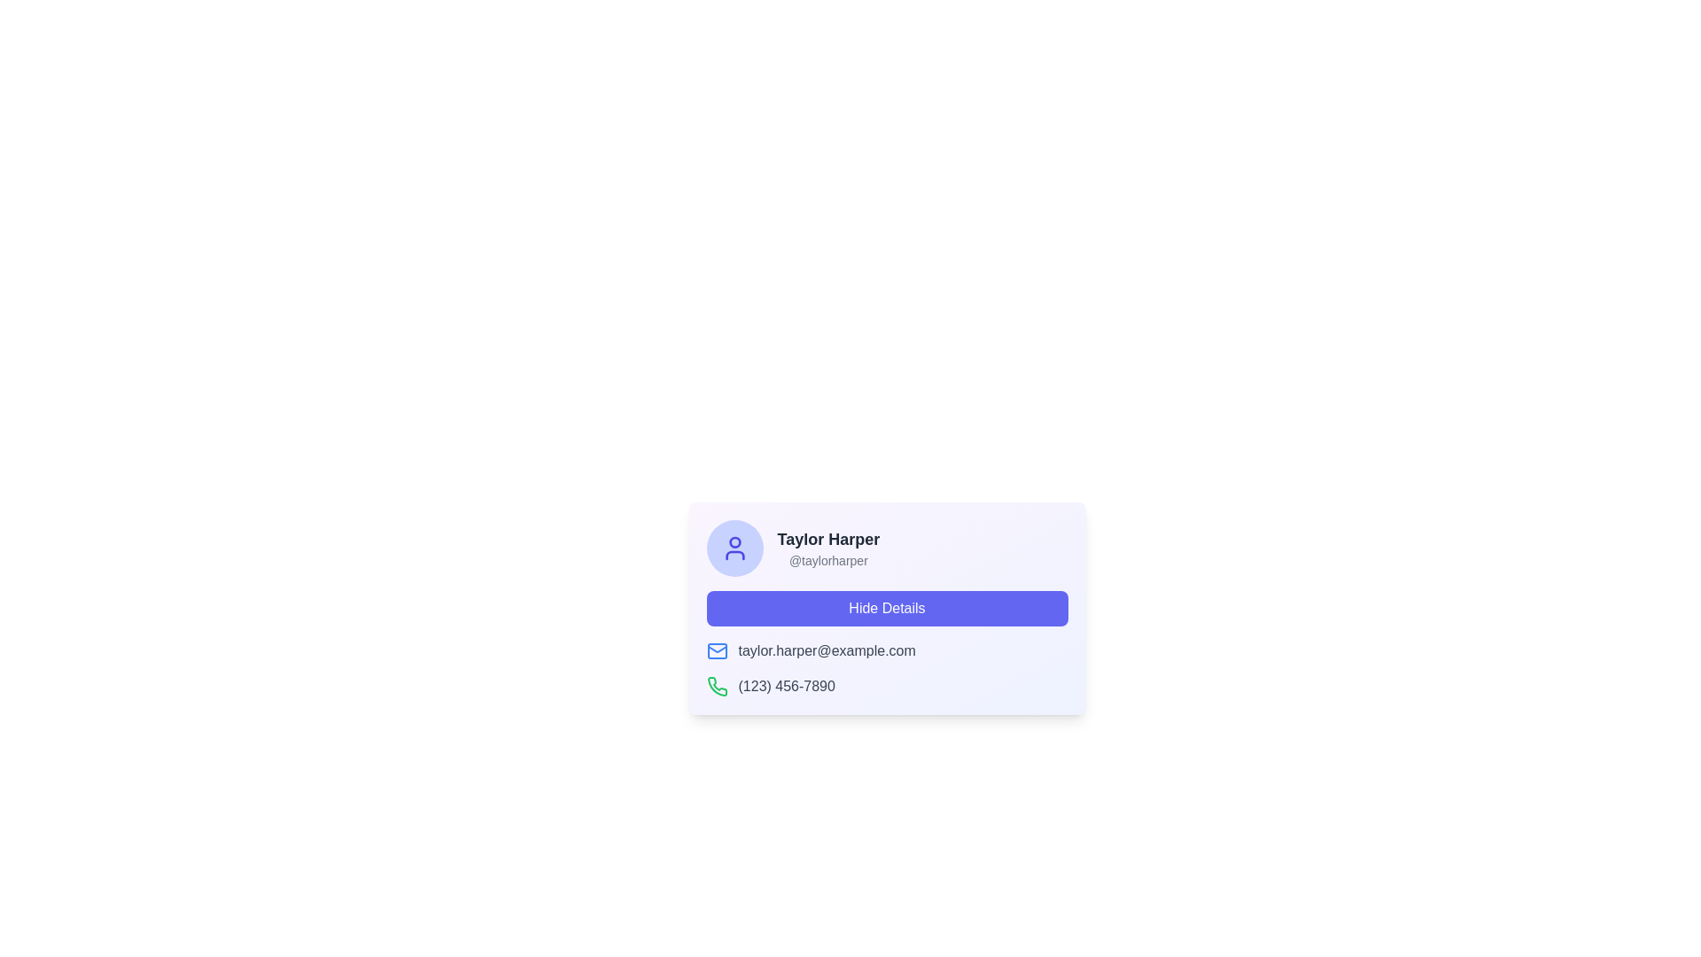 Image resolution: width=1701 pixels, height=957 pixels. What do you see at coordinates (887, 669) in the screenshot?
I see `the phone number displayed in the contact information section for user Taylor Harper` at bounding box center [887, 669].